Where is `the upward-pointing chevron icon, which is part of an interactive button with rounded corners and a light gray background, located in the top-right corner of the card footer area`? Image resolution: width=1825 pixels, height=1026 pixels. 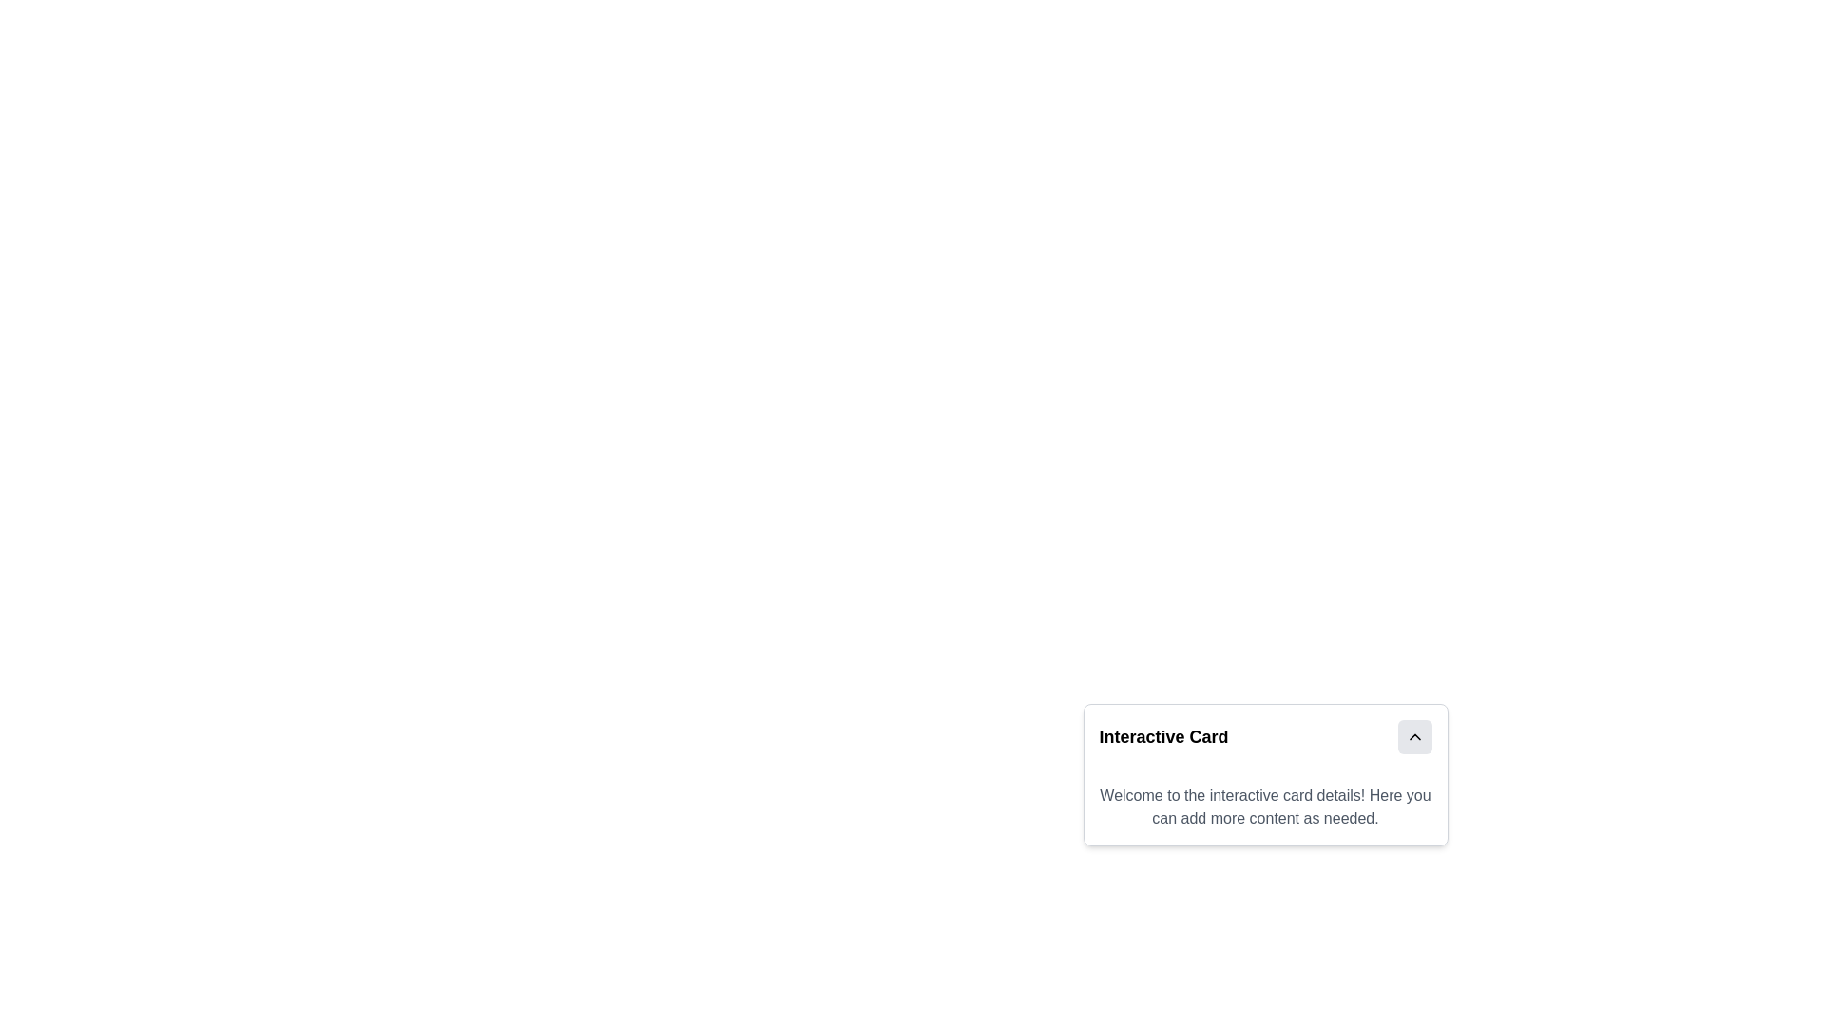
the upward-pointing chevron icon, which is part of an interactive button with rounded corners and a light gray background, located in the top-right corner of the card footer area is located at coordinates (1414, 735).